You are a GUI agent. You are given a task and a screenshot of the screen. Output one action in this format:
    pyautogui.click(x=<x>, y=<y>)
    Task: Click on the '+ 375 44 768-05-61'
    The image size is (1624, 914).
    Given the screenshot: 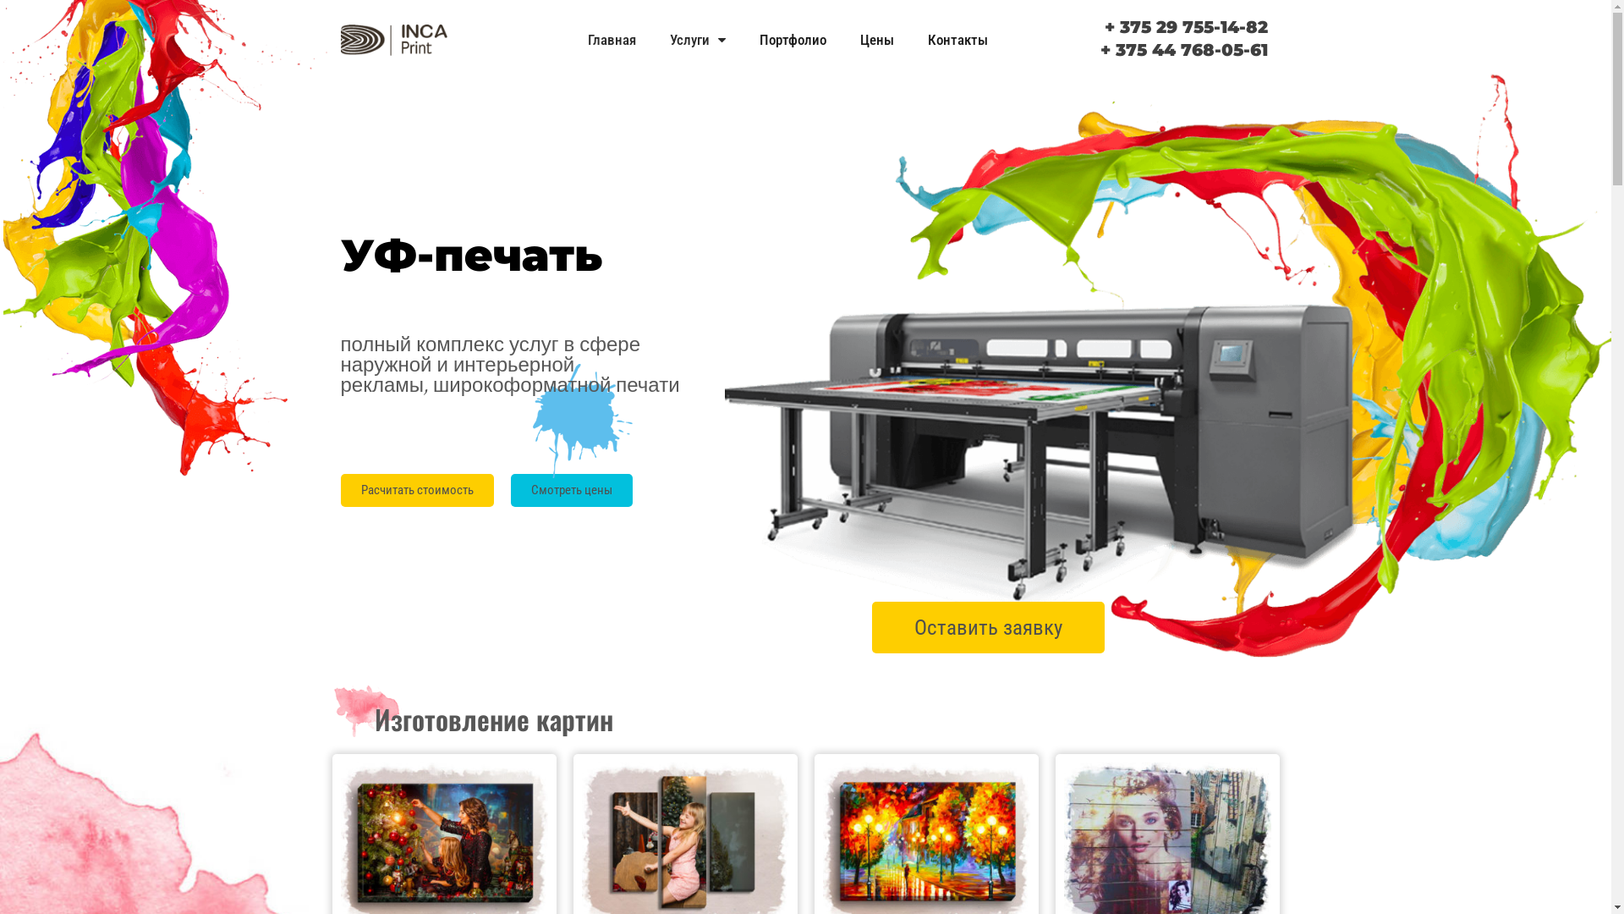 What is the action you would take?
    pyautogui.click(x=1183, y=48)
    